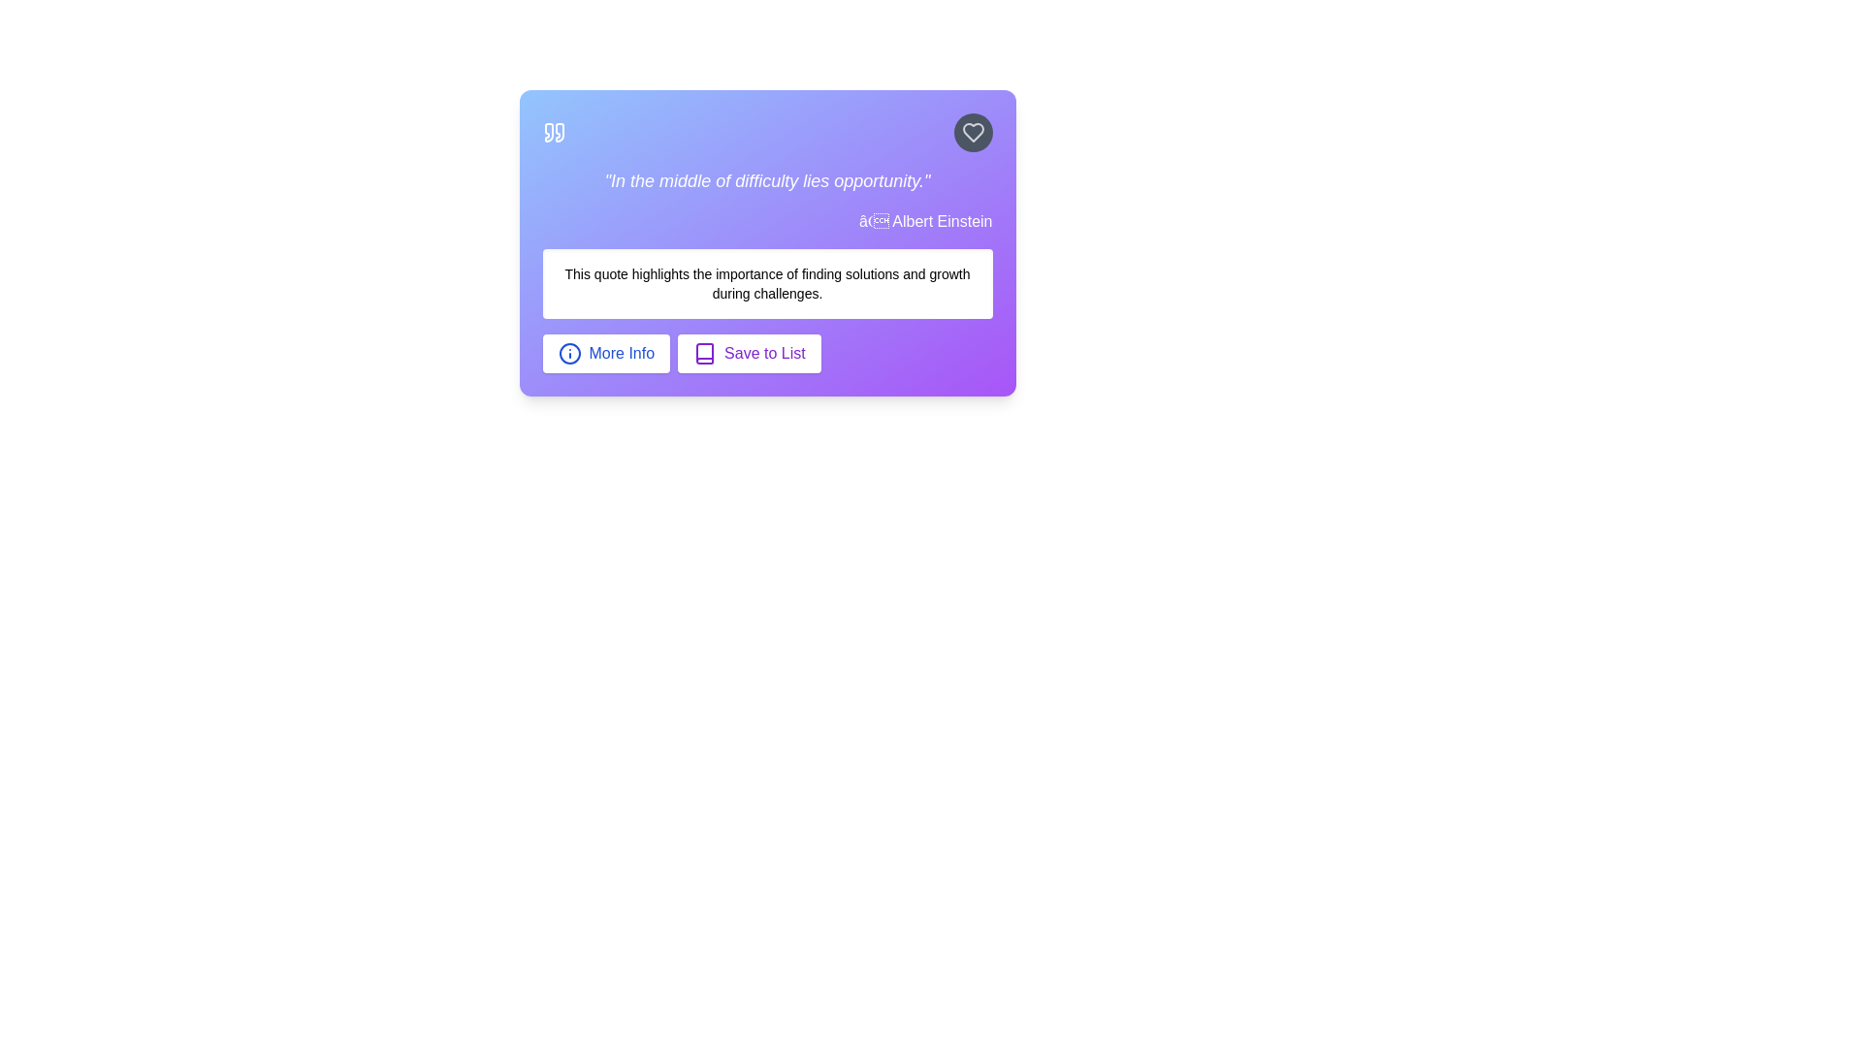 The width and height of the screenshot is (1862, 1047). What do you see at coordinates (704, 354) in the screenshot?
I see `the small SVG graphic icon in the top-right corner of the interactive card, which symbolizes the concept of saving or categorizing a quote` at bounding box center [704, 354].